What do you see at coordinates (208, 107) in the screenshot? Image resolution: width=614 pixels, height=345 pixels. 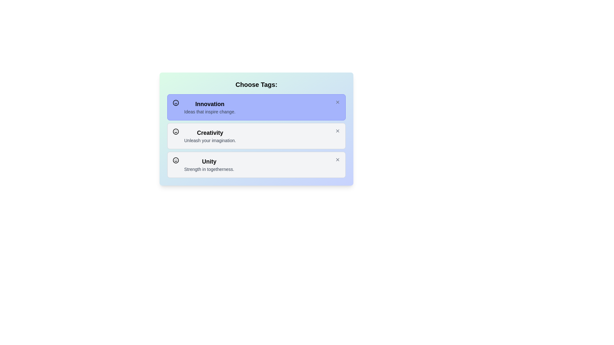 I see `the theme's name and description for Innovation` at bounding box center [208, 107].